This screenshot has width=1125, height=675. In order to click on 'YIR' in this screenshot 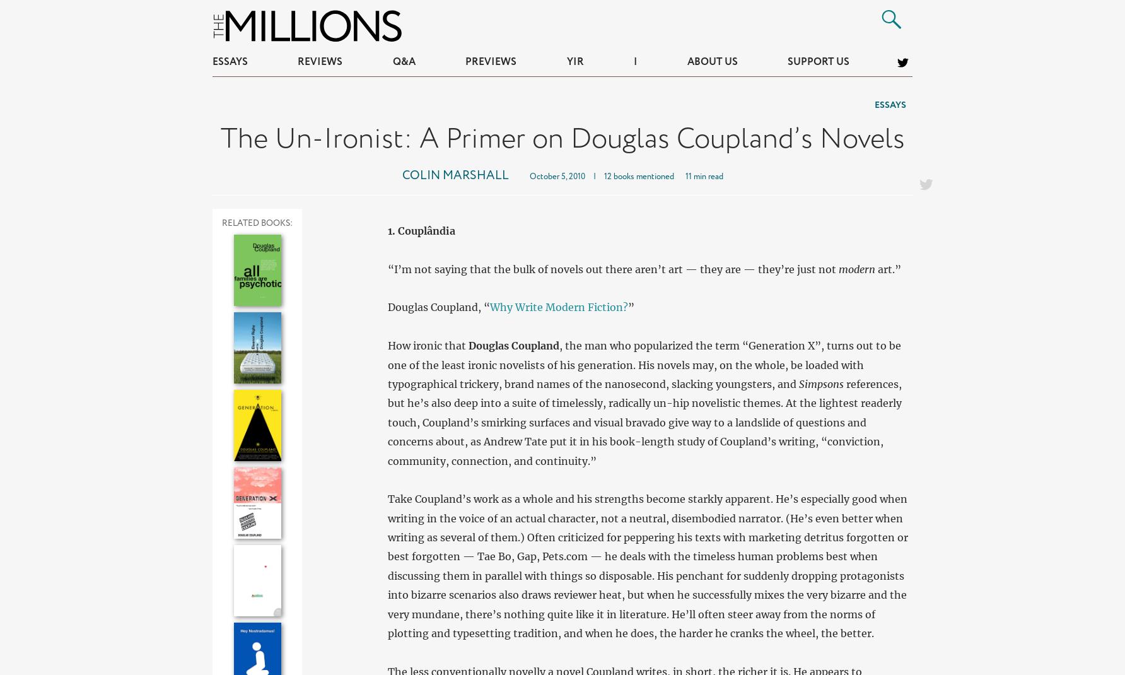, I will do `click(574, 62)`.